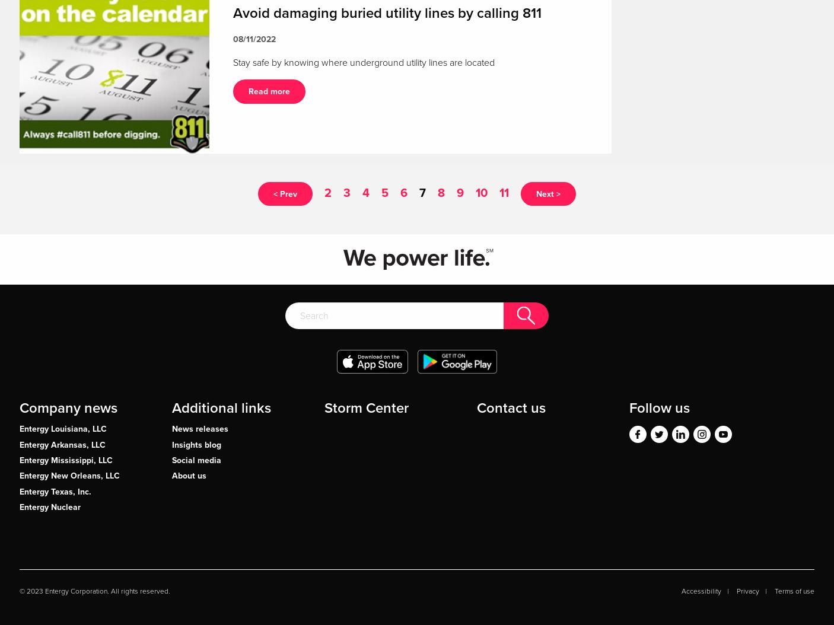 The width and height of the screenshot is (834, 625). Describe the element at coordinates (404, 192) in the screenshot. I see `'6'` at that location.